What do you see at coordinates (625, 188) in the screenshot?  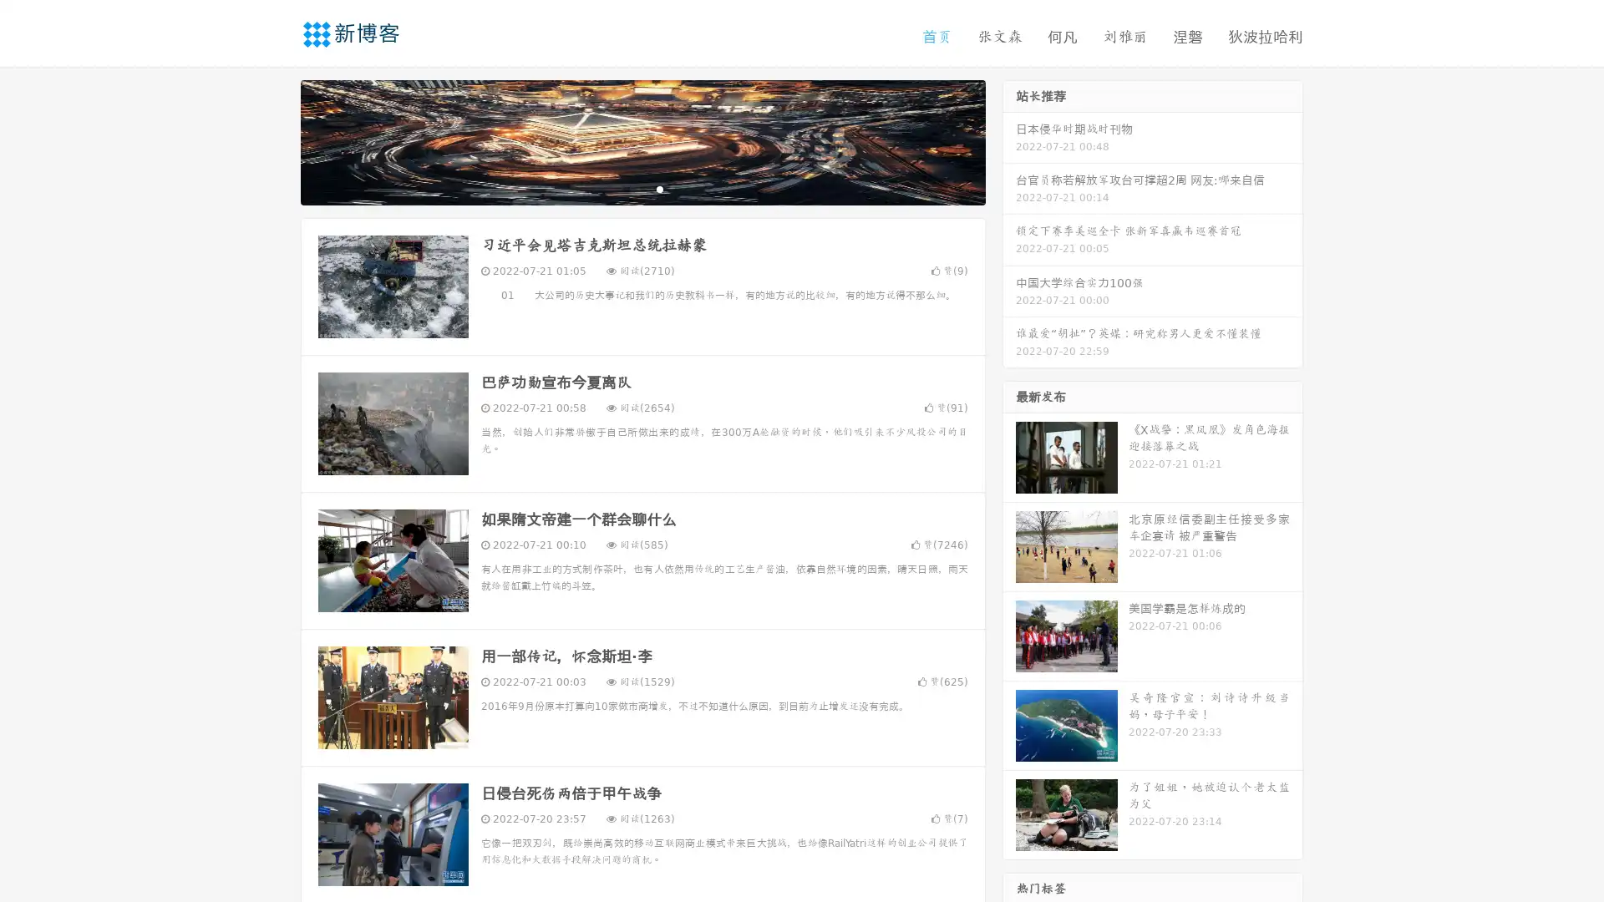 I see `Go to slide 1` at bounding box center [625, 188].